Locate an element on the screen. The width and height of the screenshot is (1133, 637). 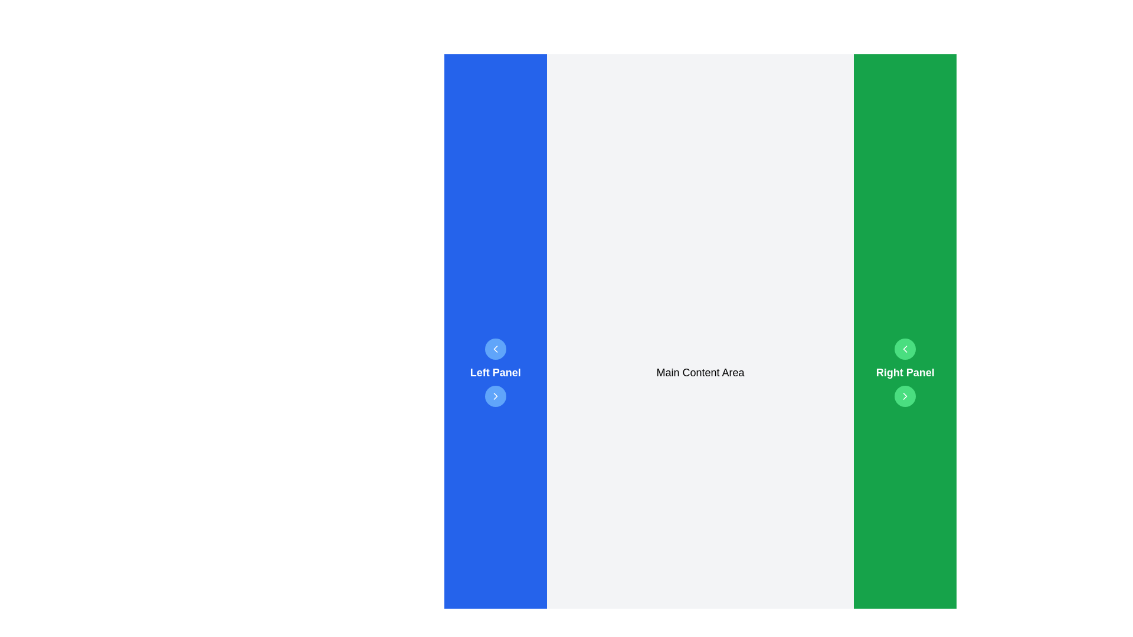
the right-facing chevron icon button with a green circular background located in the right panel is located at coordinates (905, 396).